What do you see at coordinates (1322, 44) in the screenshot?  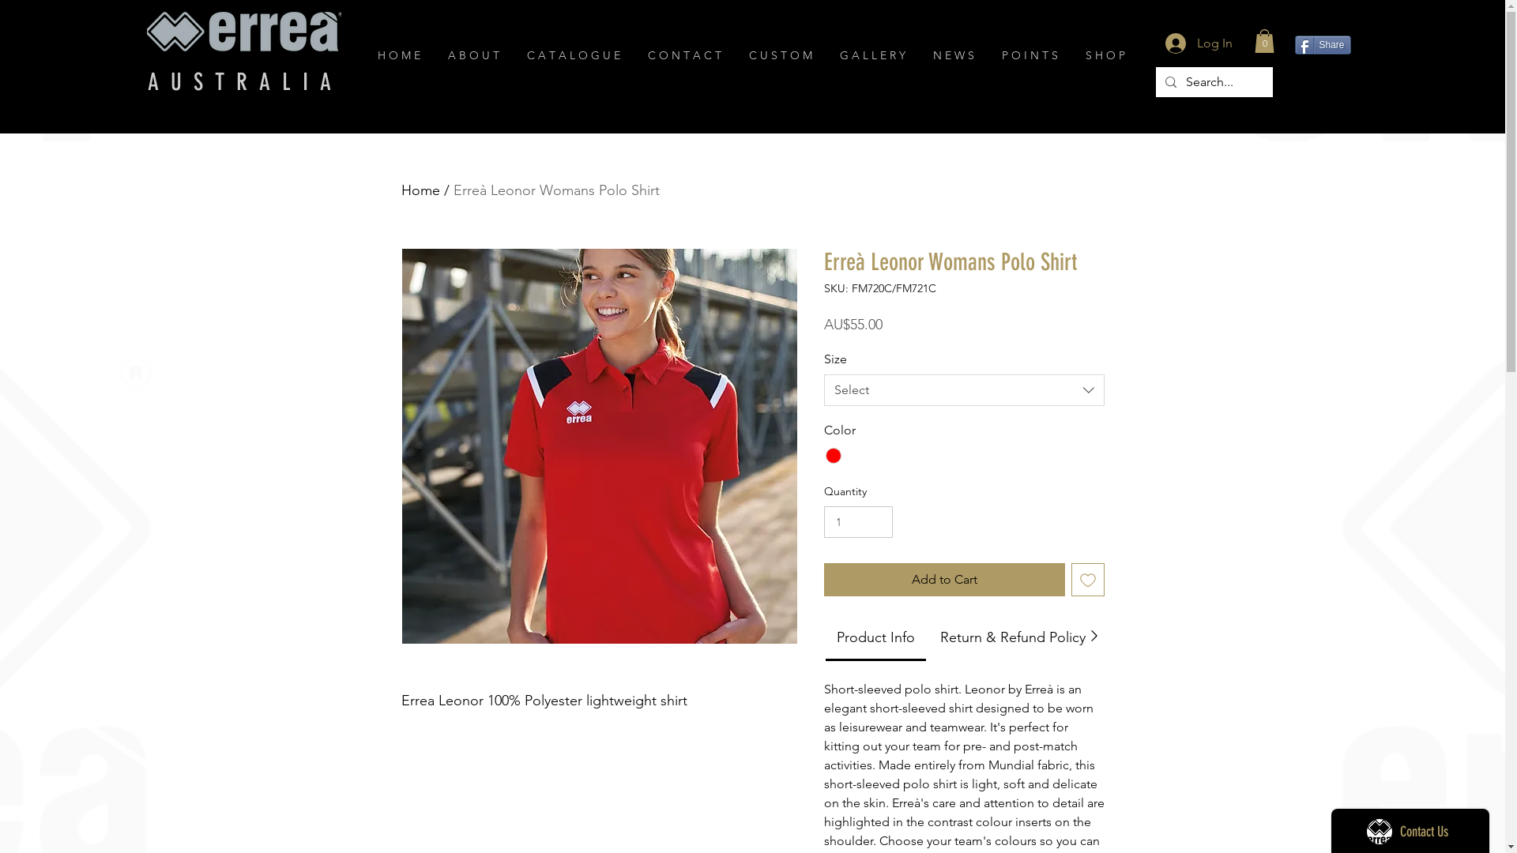 I see `'Share'` at bounding box center [1322, 44].